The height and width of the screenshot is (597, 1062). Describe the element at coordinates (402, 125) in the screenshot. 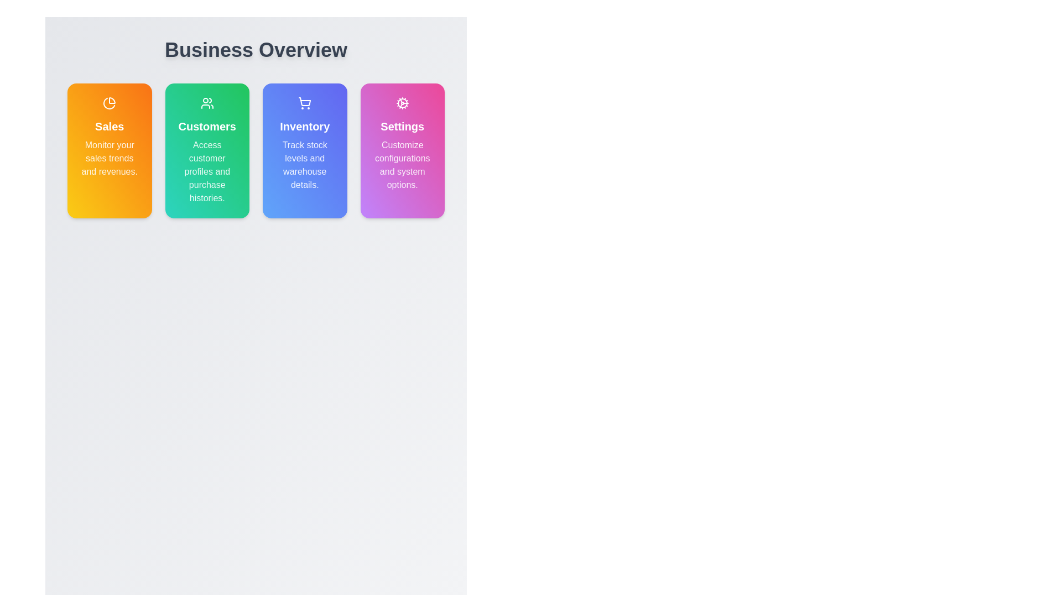

I see `title text located at the top-center of the pink card labeled 'Settings', which is the fourth card in a series with 'Sales', 'Customers', and 'Inventory' preceding it` at that location.